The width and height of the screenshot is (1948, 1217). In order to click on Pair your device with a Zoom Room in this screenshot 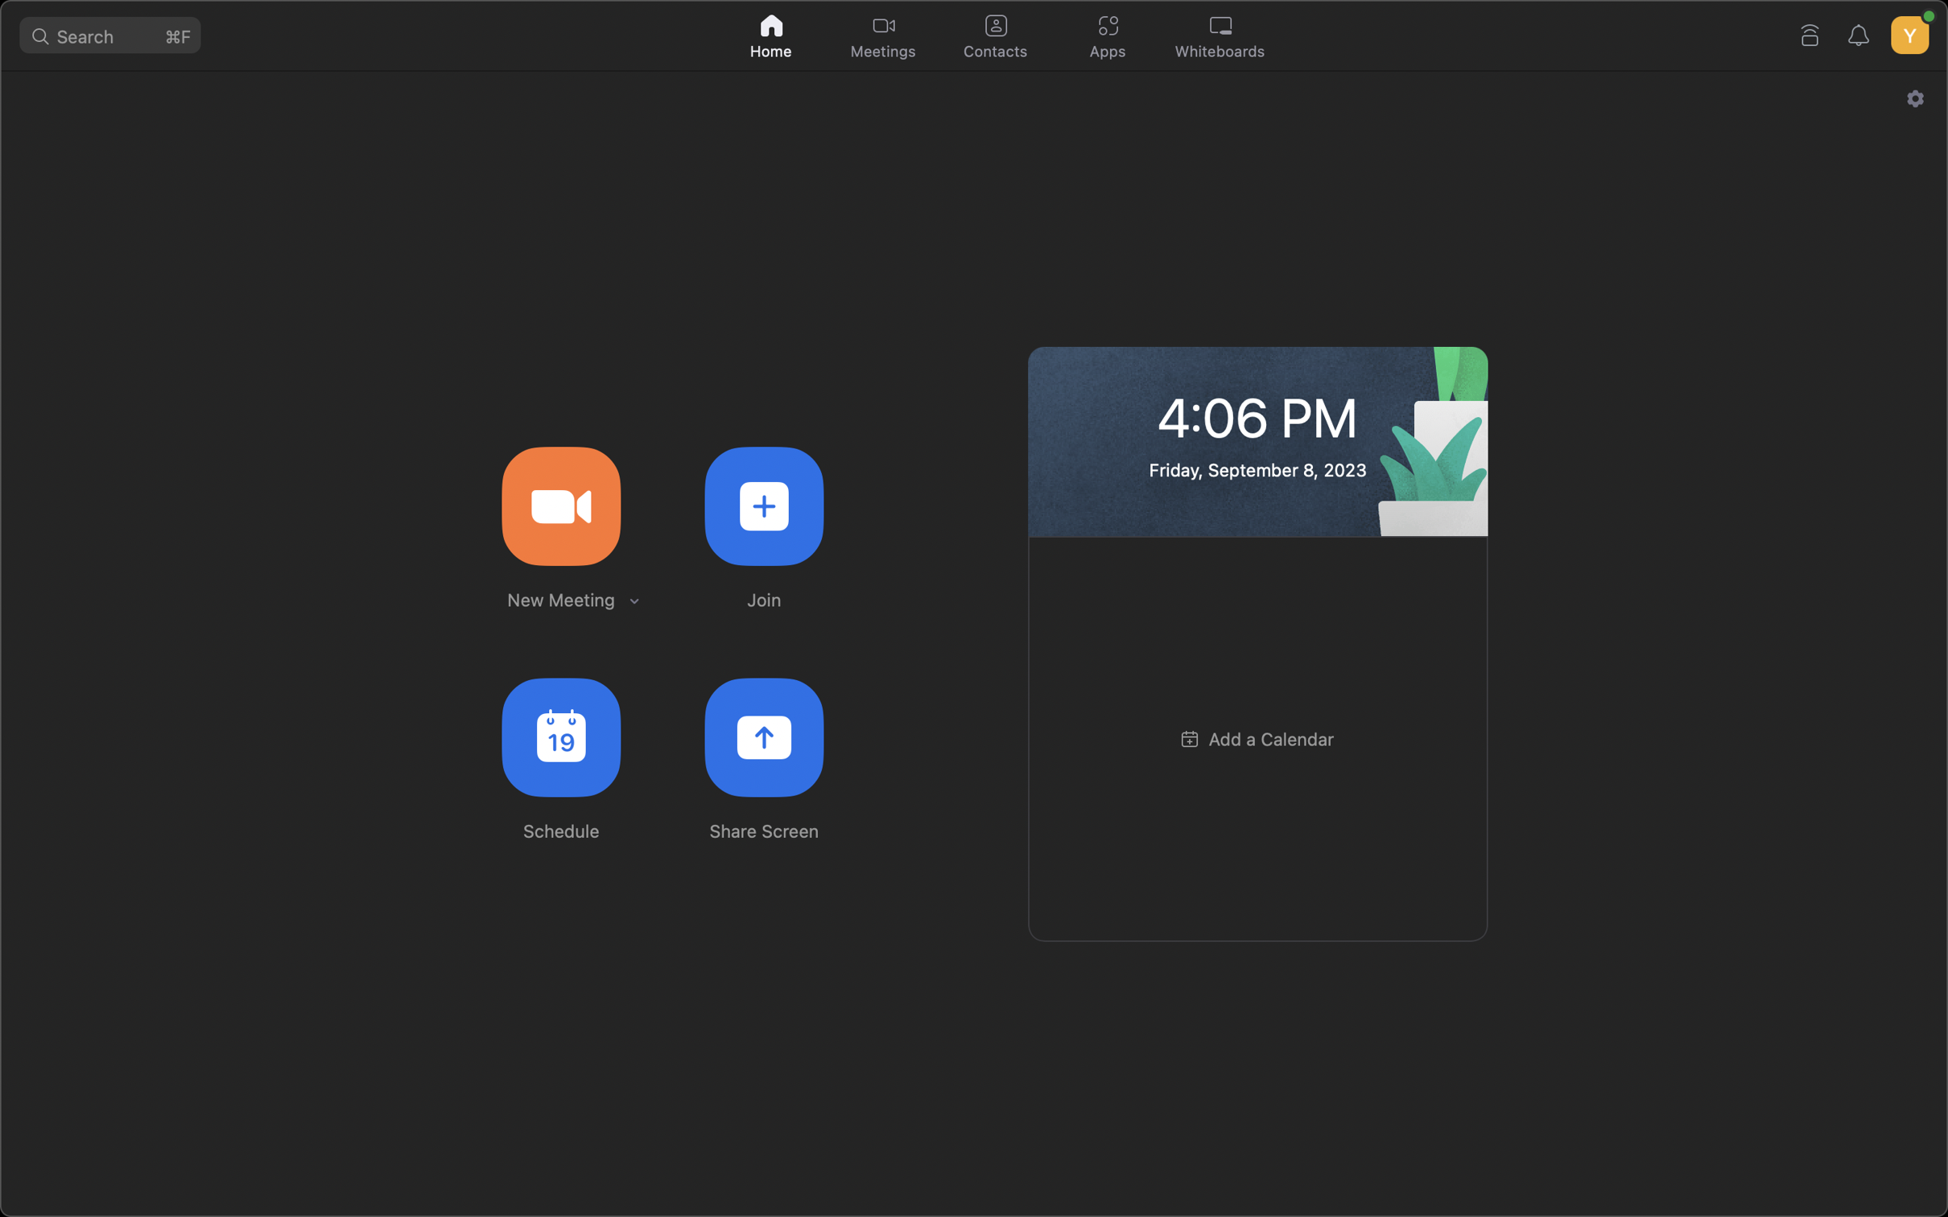, I will do `click(1810, 31)`.